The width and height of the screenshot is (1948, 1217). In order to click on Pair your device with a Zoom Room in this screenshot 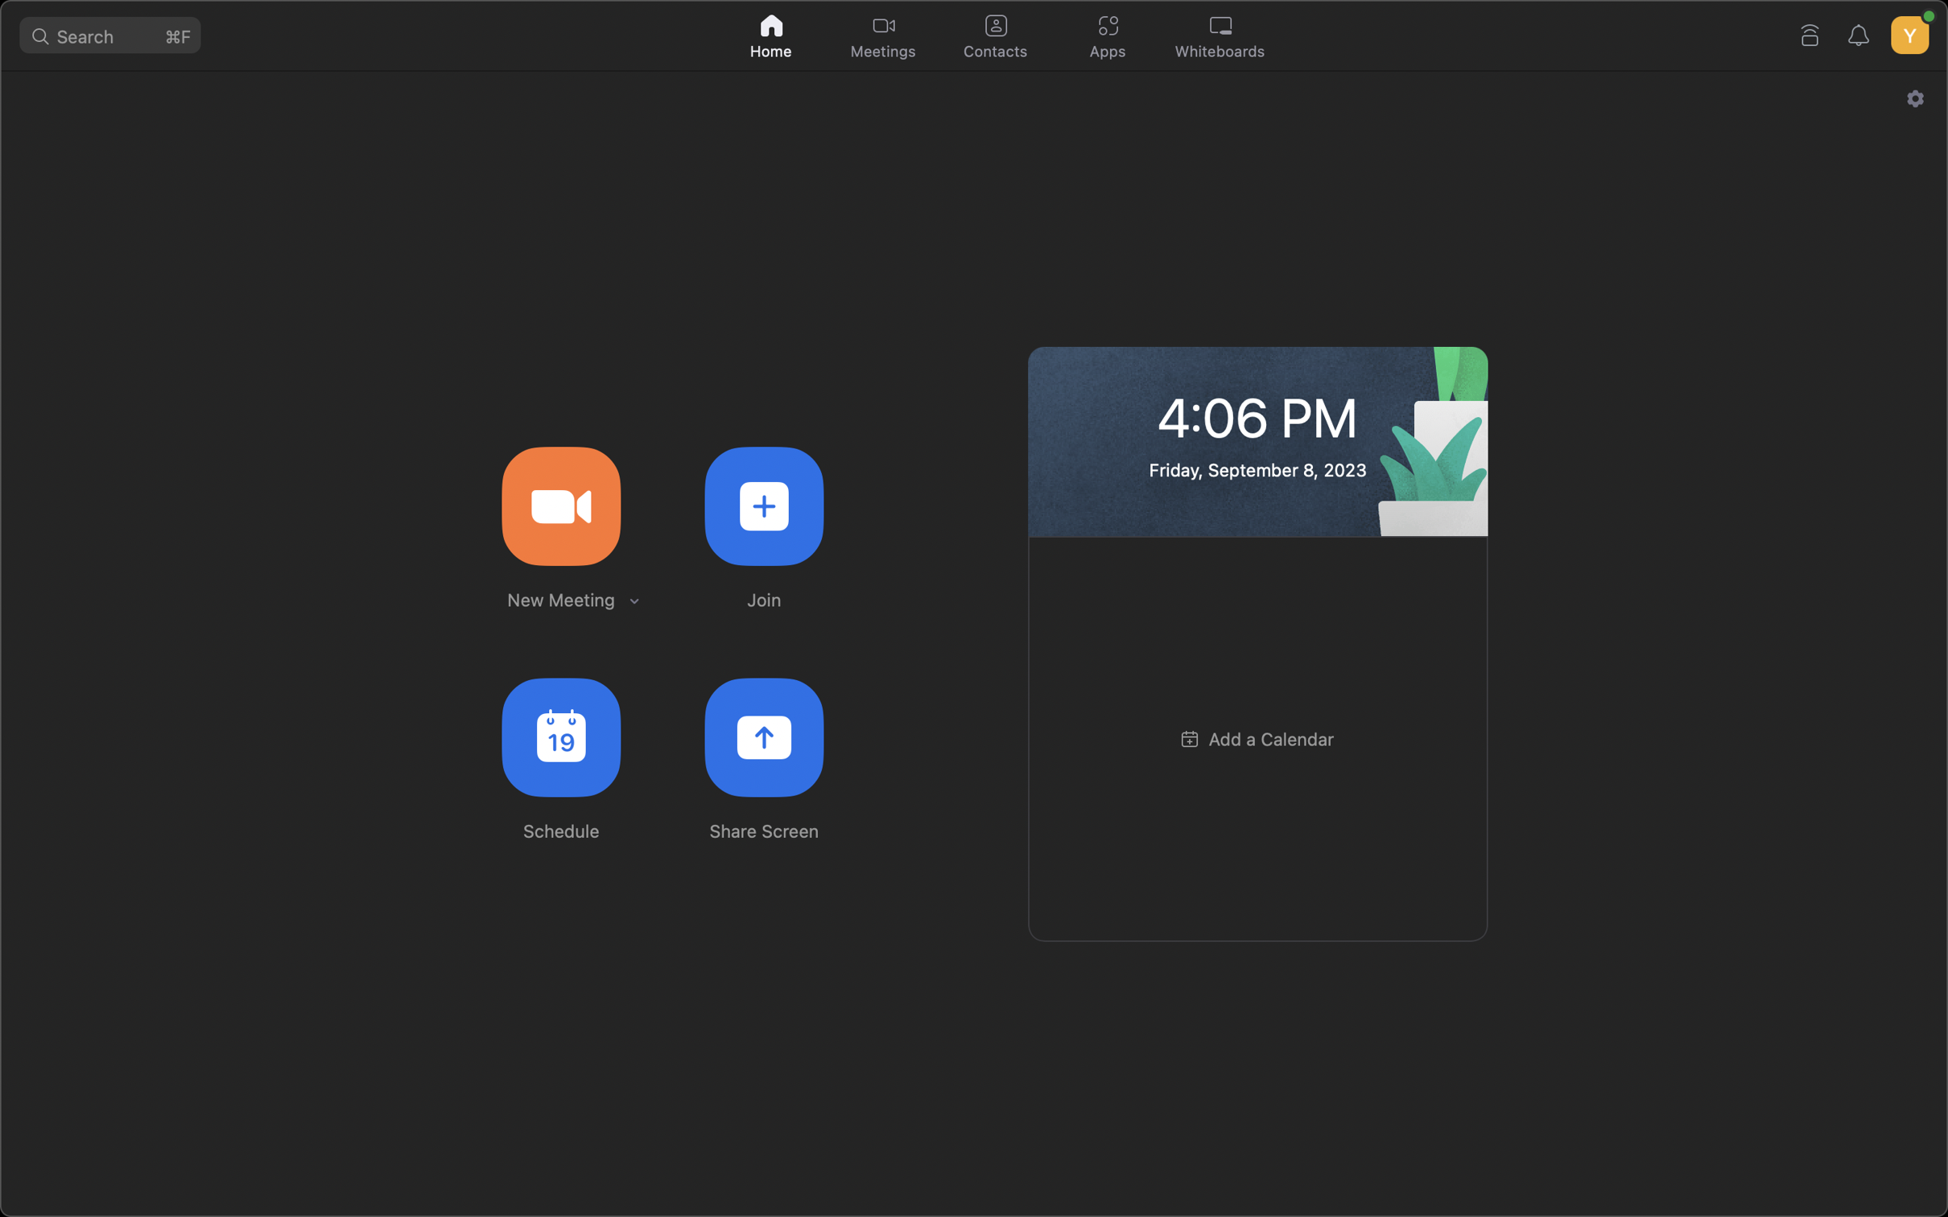, I will do `click(1810, 31)`.